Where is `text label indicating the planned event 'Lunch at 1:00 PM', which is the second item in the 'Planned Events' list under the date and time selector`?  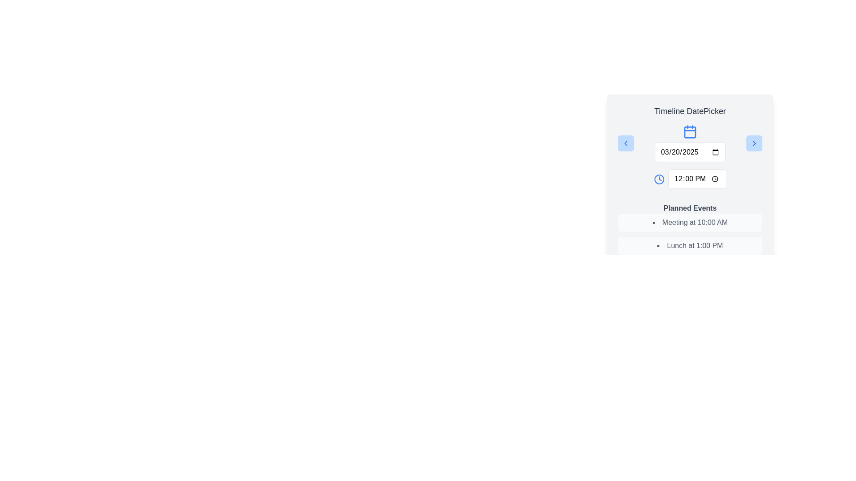 text label indicating the planned event 'Lunch at 1:00 PM', which is the second item in the 'Planned Events' list under the date and time selector is located at coordinates (690, 245).